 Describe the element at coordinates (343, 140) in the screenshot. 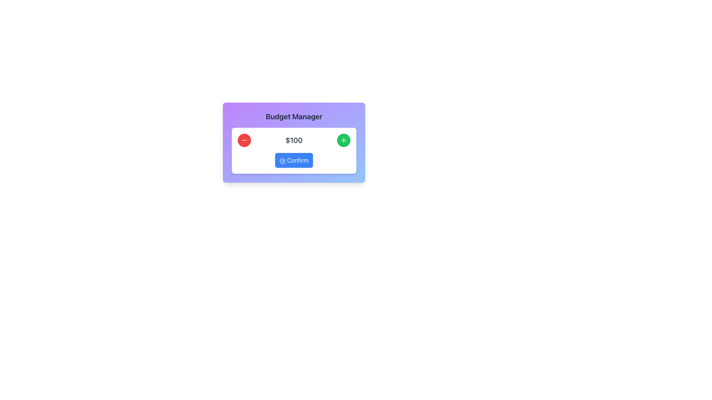

I see `the green circular button with a white plus icon located in the top-right corner of the Budget Manager modal` at that location.